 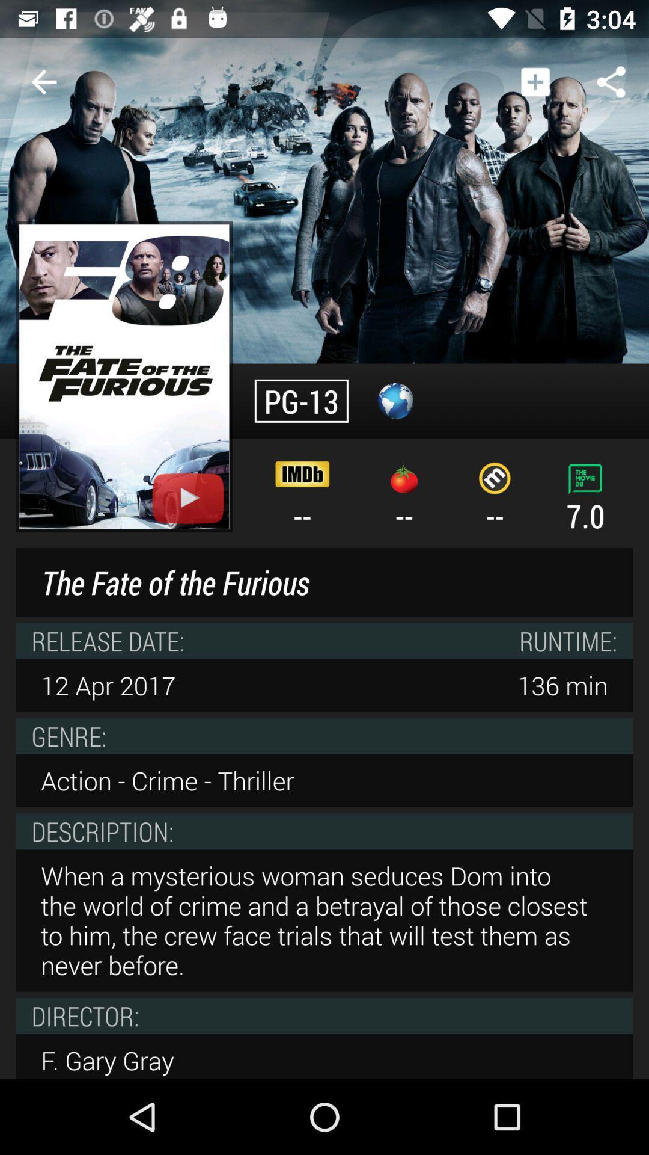 I want to click on search the world wide web, so click(x=395, y=401).